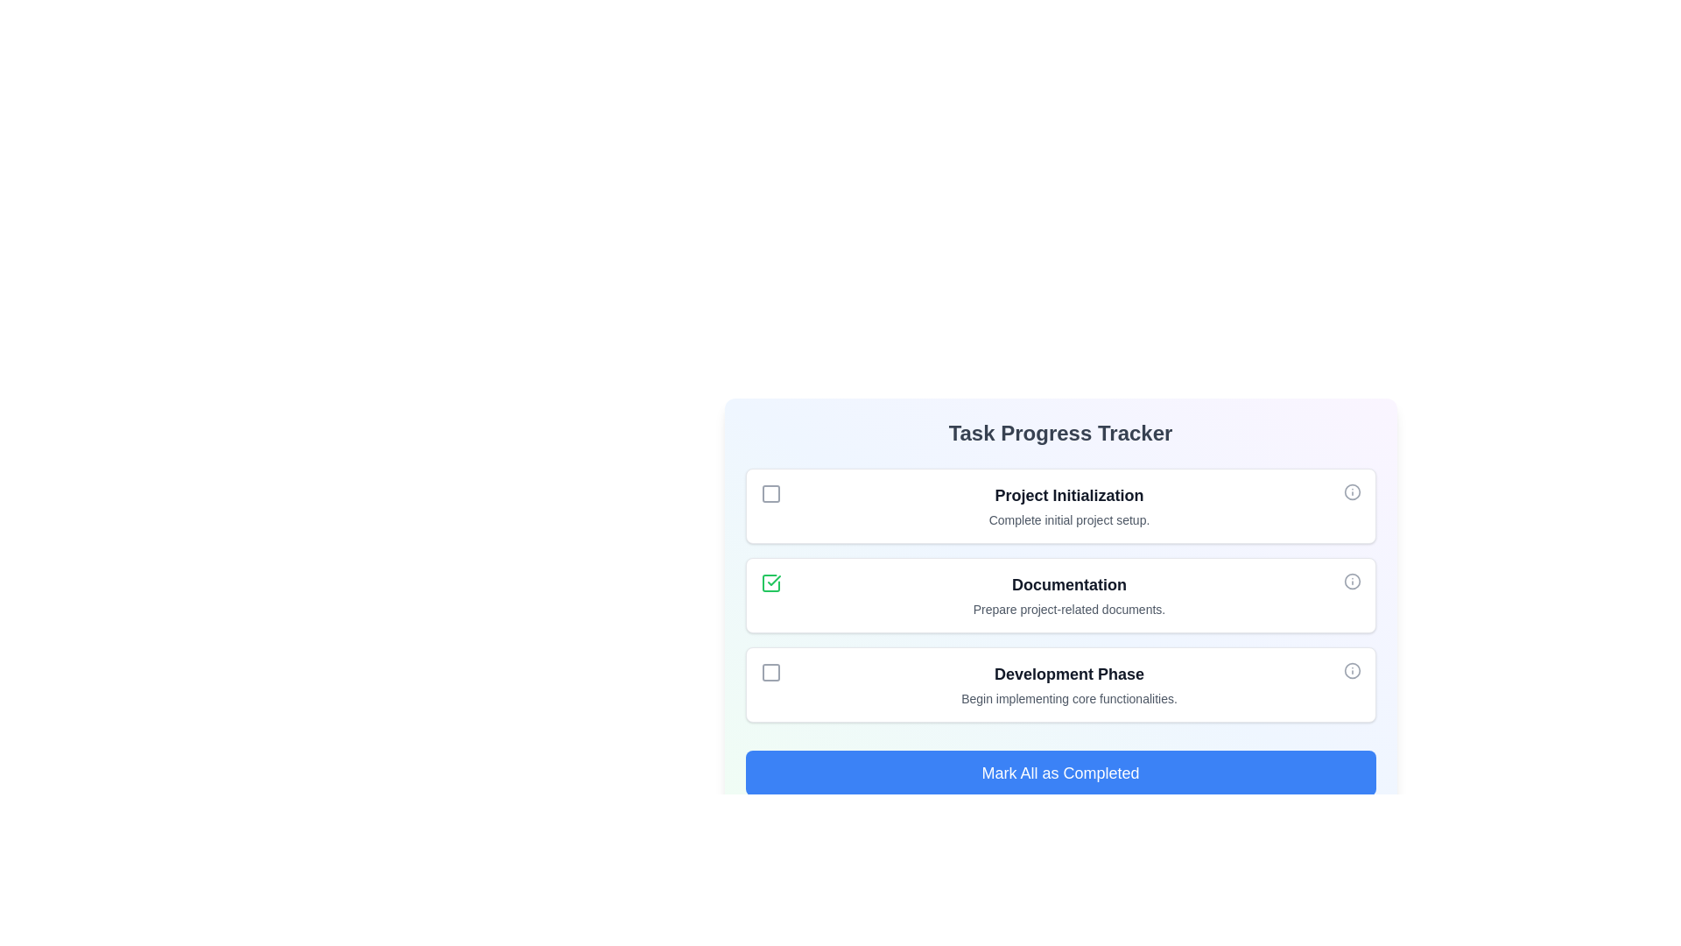 Image resolution: width=1681 pixels, height=946 pixels. Describe the element at coordinates (1068, 584) in the screenshot. I see `the bold text label 'Documentation' located in the middle section of the task progress tracker` at that location.